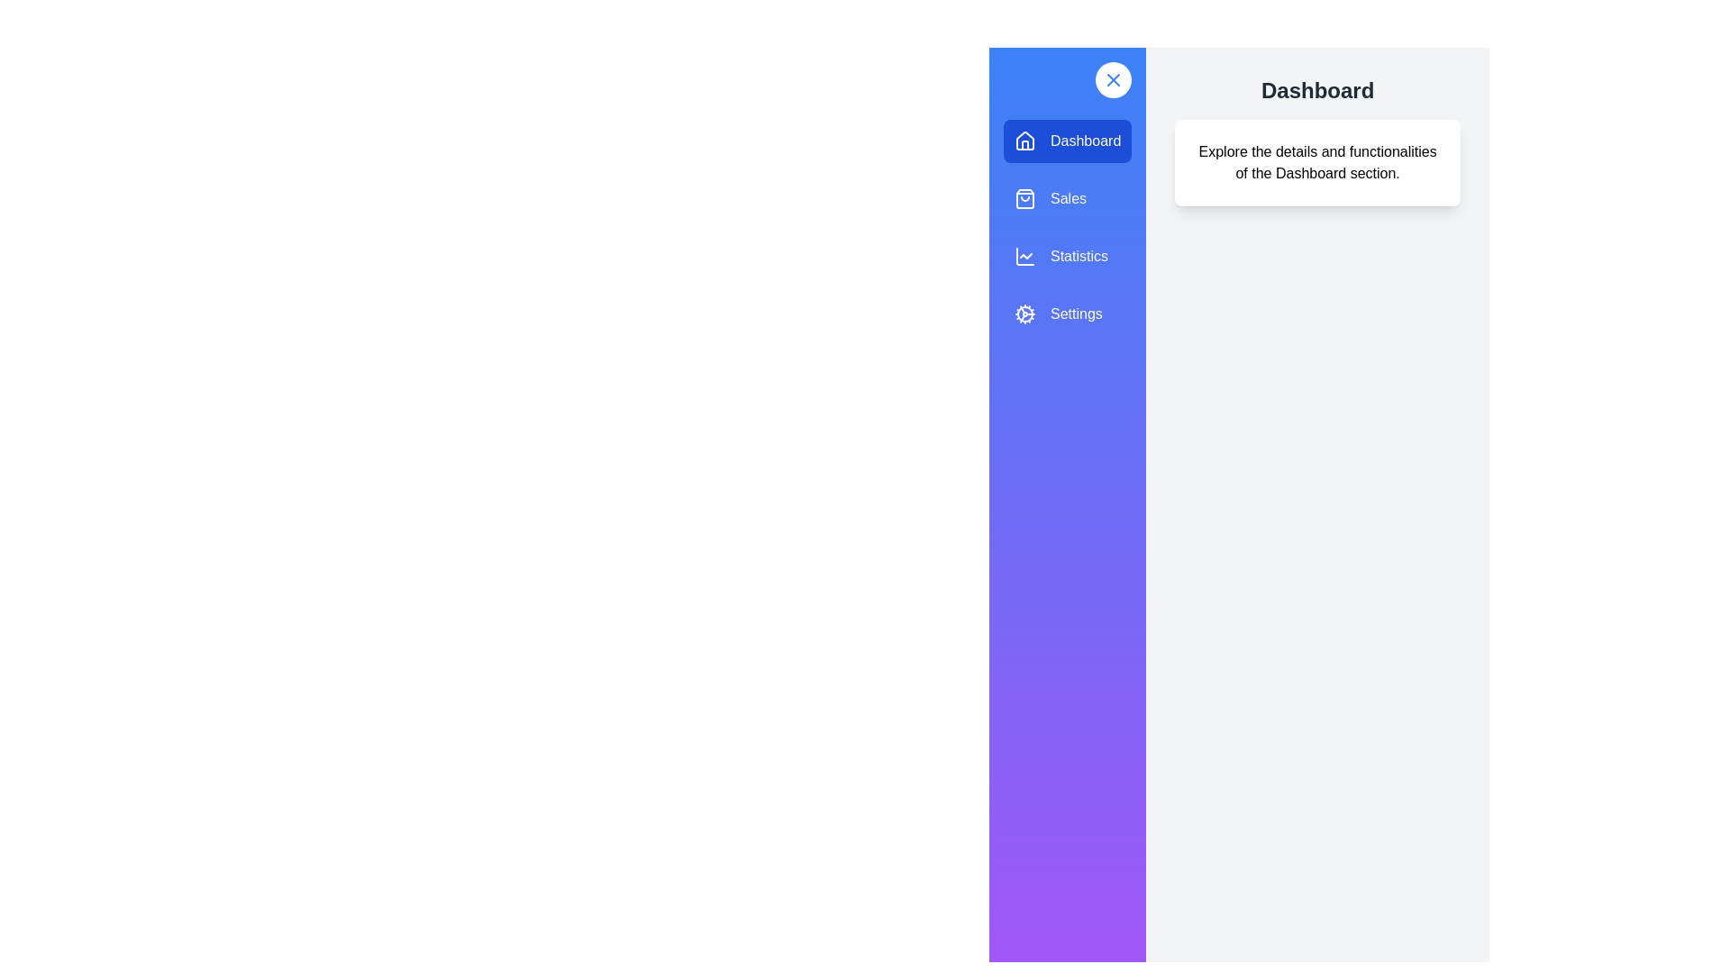 Image resolution: width=1730 pixels, height=973 pixels. I want to click on the main content text to interact with it, so click(1317, 163).